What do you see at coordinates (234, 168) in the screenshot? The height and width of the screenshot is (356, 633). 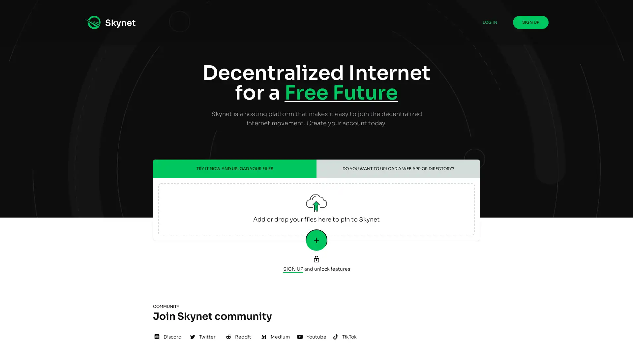 I see `TRY IT NOW AND UPLOAD YOUR FILES` at bounding box center [234, 168].